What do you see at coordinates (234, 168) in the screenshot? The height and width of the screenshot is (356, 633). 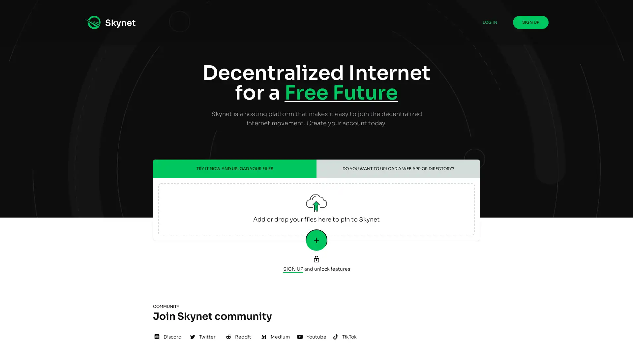 I see `TRY IT NOW AND UPLOAD YOUR FILES` at bounding box center [234, 168].